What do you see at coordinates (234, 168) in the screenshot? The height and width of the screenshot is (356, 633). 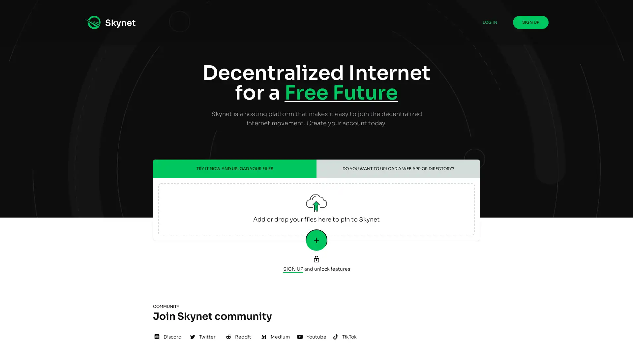 I see `TRY IT NOW AND UPLOAD YOUR FILES` at bounding box center [234, 168].